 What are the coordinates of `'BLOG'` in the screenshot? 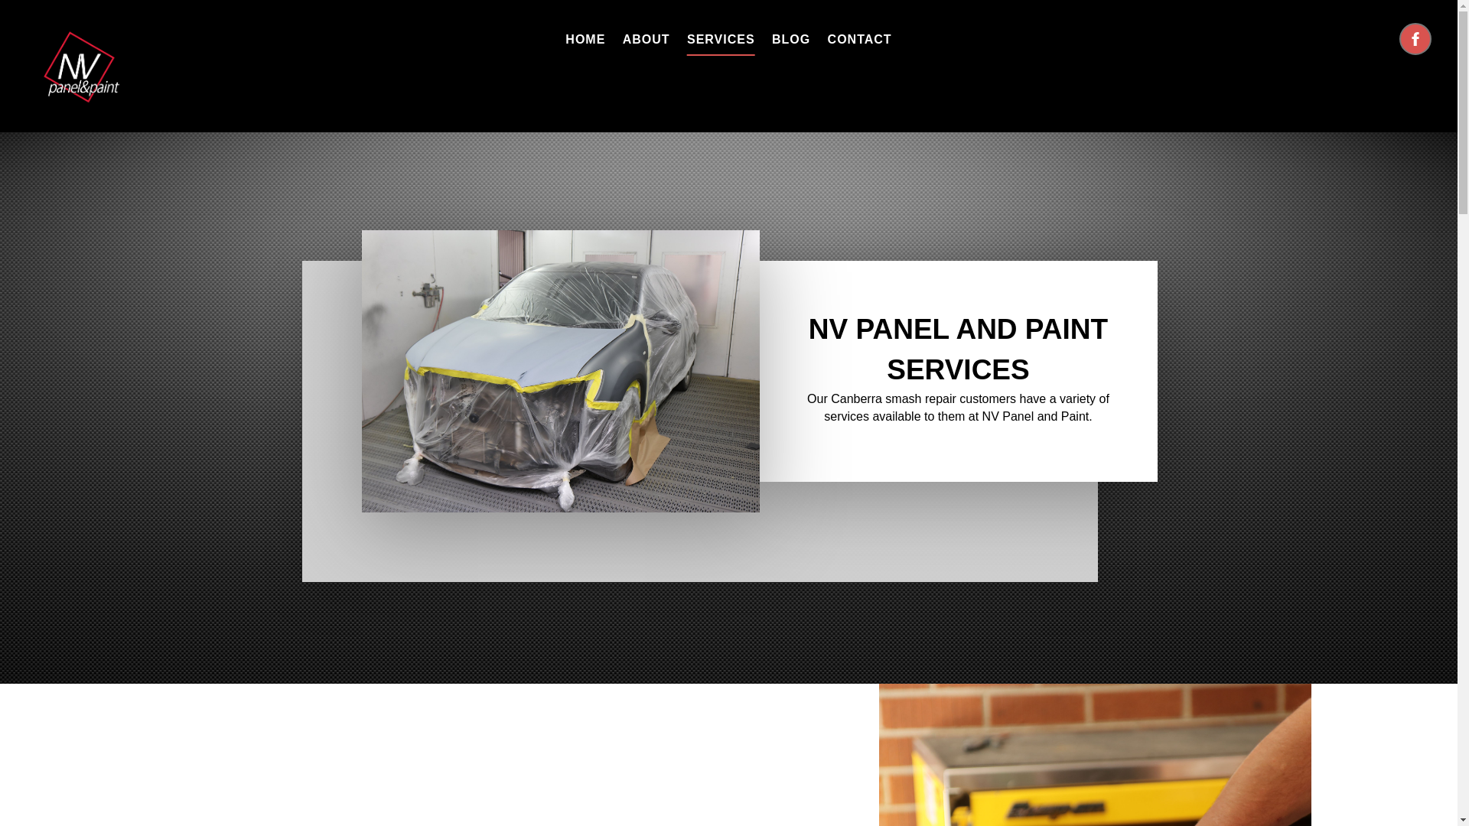 It's located at (790, 38).